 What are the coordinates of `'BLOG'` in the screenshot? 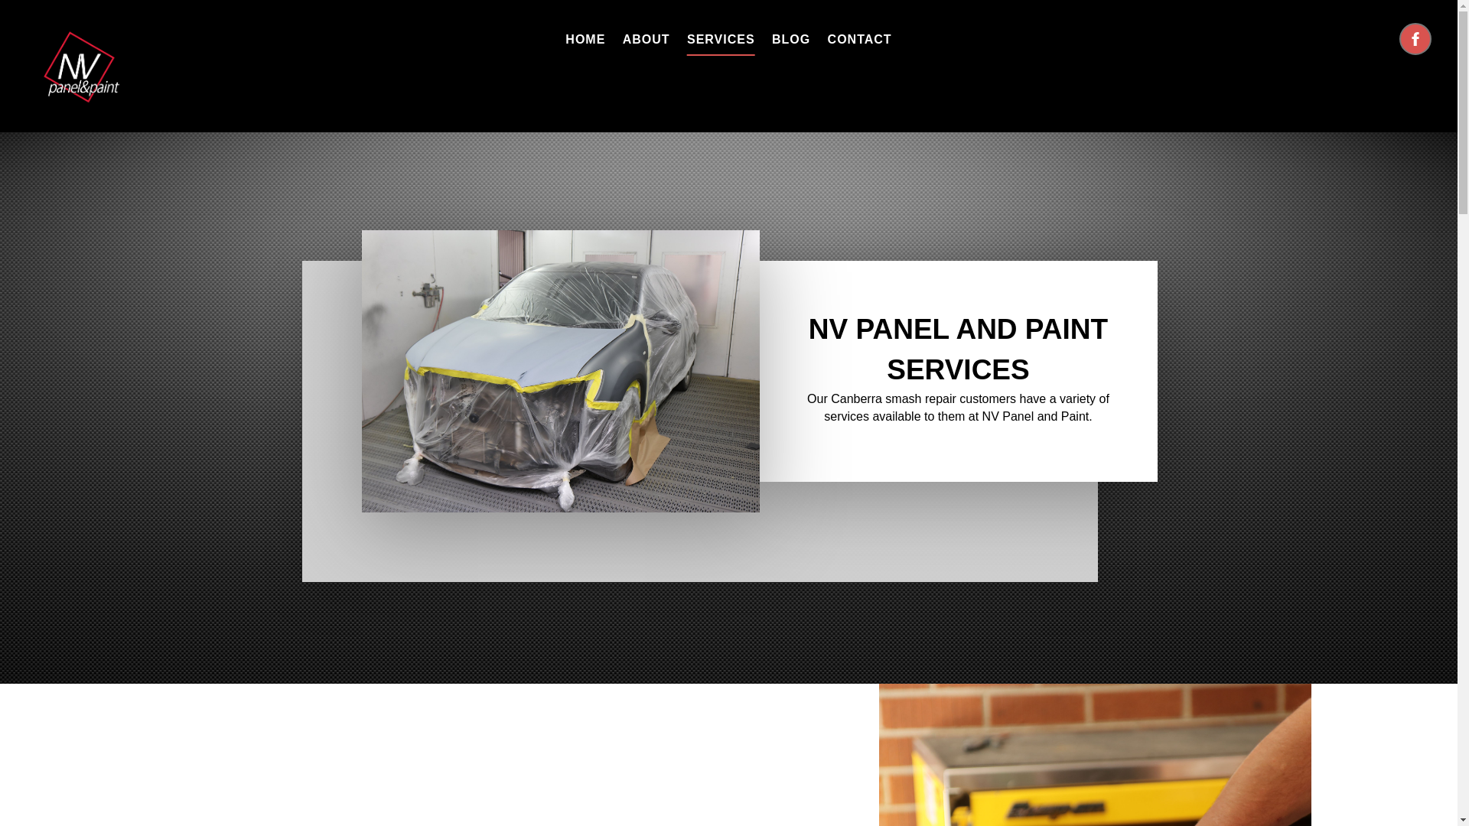 It's located at (790, 38).